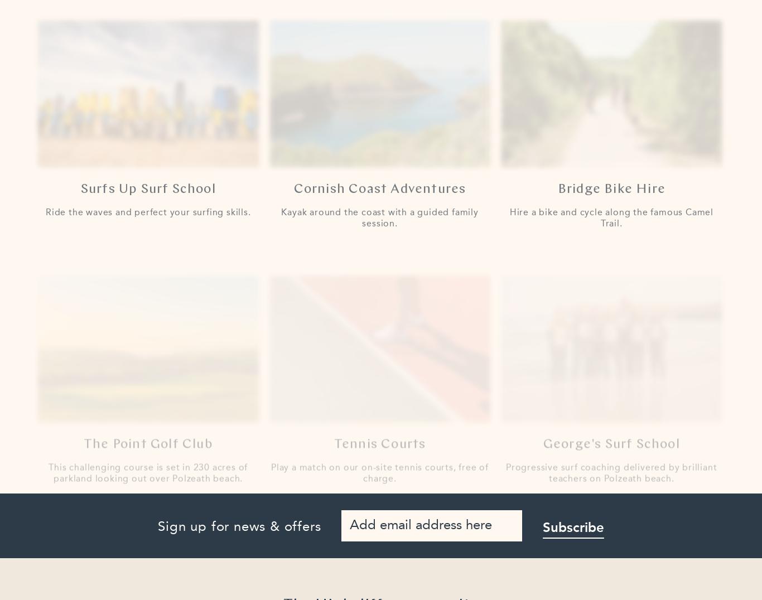 The image size is (762, 600). Describe the element at coordinates (610, 420) in the screenshot. I see `'George's Surf School'` at that location.